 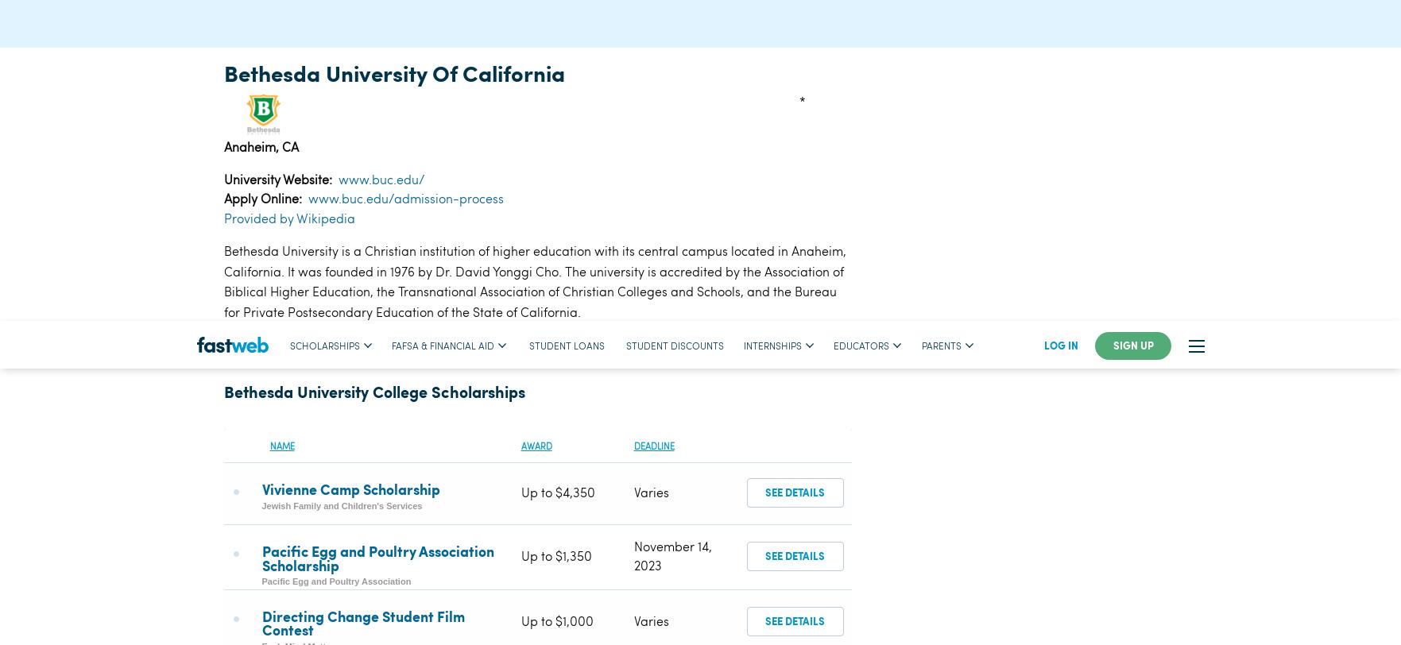 What do you see at coordinates (921, 25) in the screenshot?
I see `'parents'` at bounding box center [921, 25].